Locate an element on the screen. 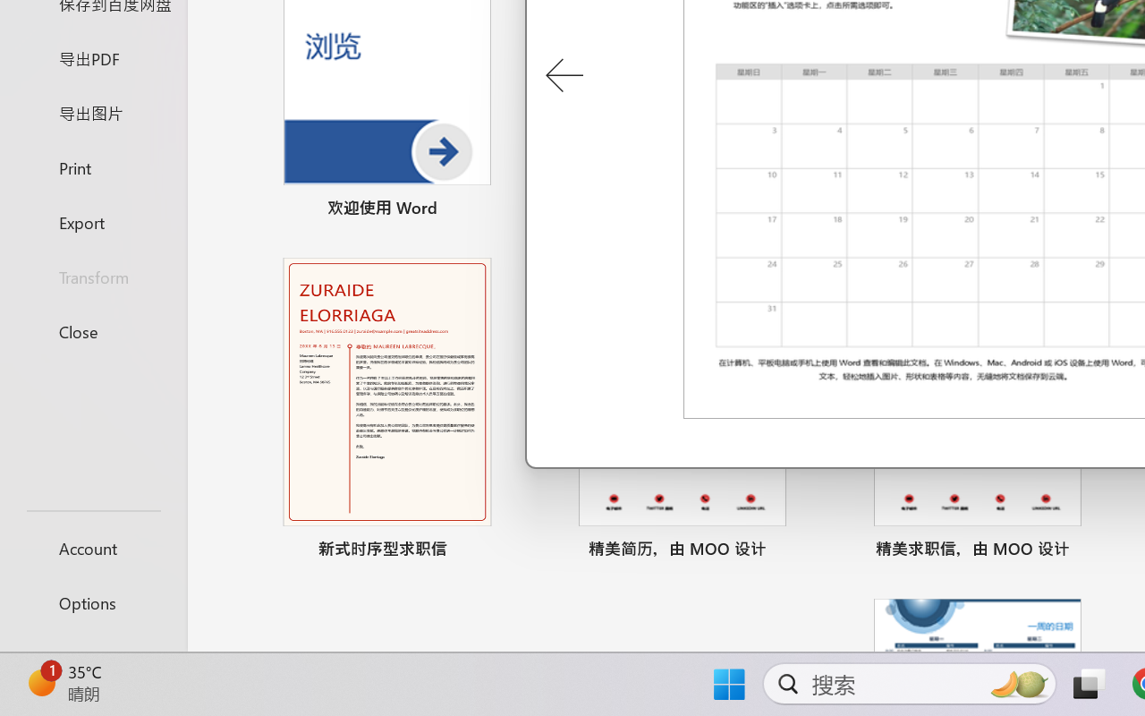 Image resolution: width=1145 pixels, height=716 pixels. 'Account' is located at coordinates (92, 548).